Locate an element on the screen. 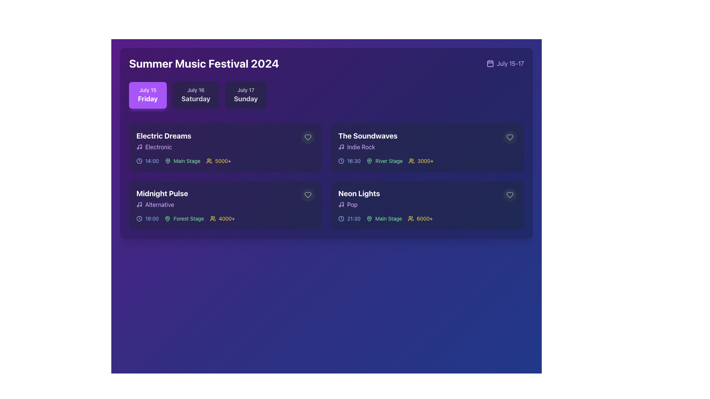  the small light yellow icon illustrating a group of people, located in the 'Midnight Pulse' event section, to the left of the '4000+' attendee count text is located at coordinates (212, 218).